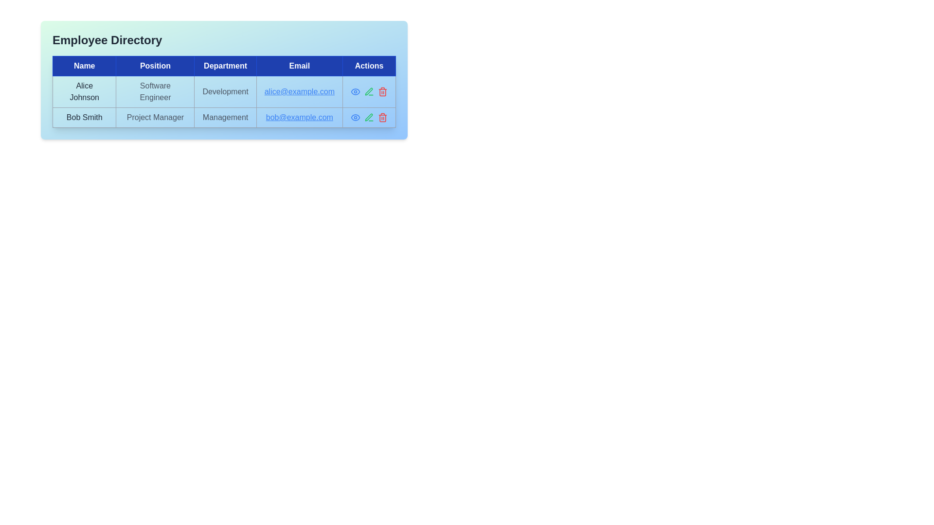  Describe the element at coordinates (299, 66) in the screenshot. I see `the Table Header element which categorizes email-related information in the data table, located between the 'Department' and 'Actions' elements` at that location.